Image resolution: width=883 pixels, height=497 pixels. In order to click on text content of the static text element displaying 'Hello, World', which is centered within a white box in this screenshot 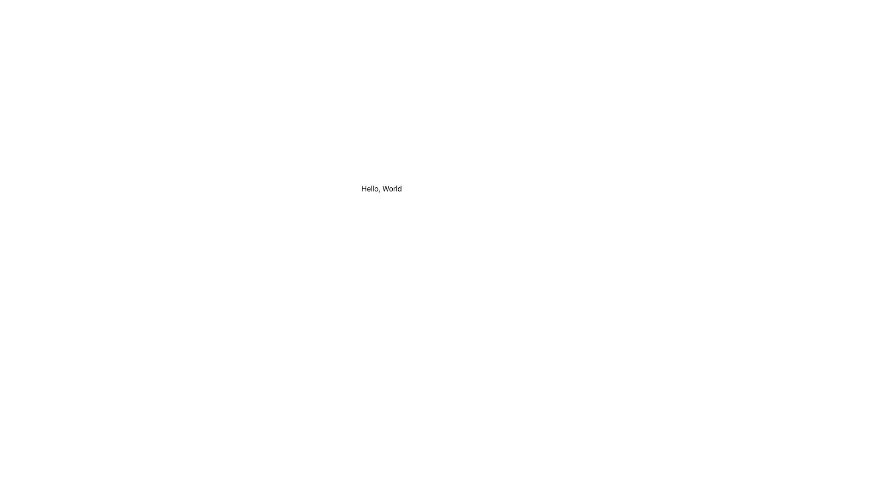, I will do `click(382, 188)`.